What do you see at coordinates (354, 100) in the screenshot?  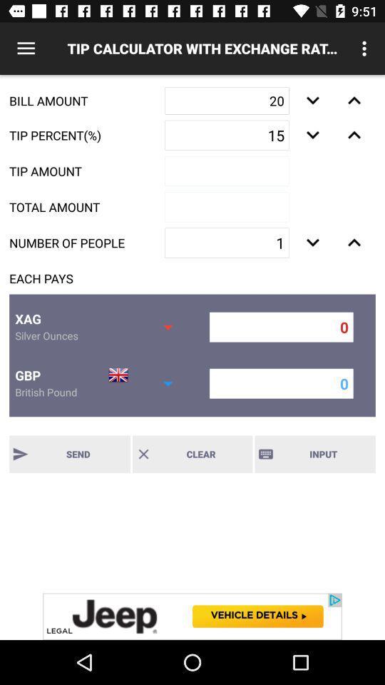 I see `the expand_less icon` at bounding box center [354, 100].